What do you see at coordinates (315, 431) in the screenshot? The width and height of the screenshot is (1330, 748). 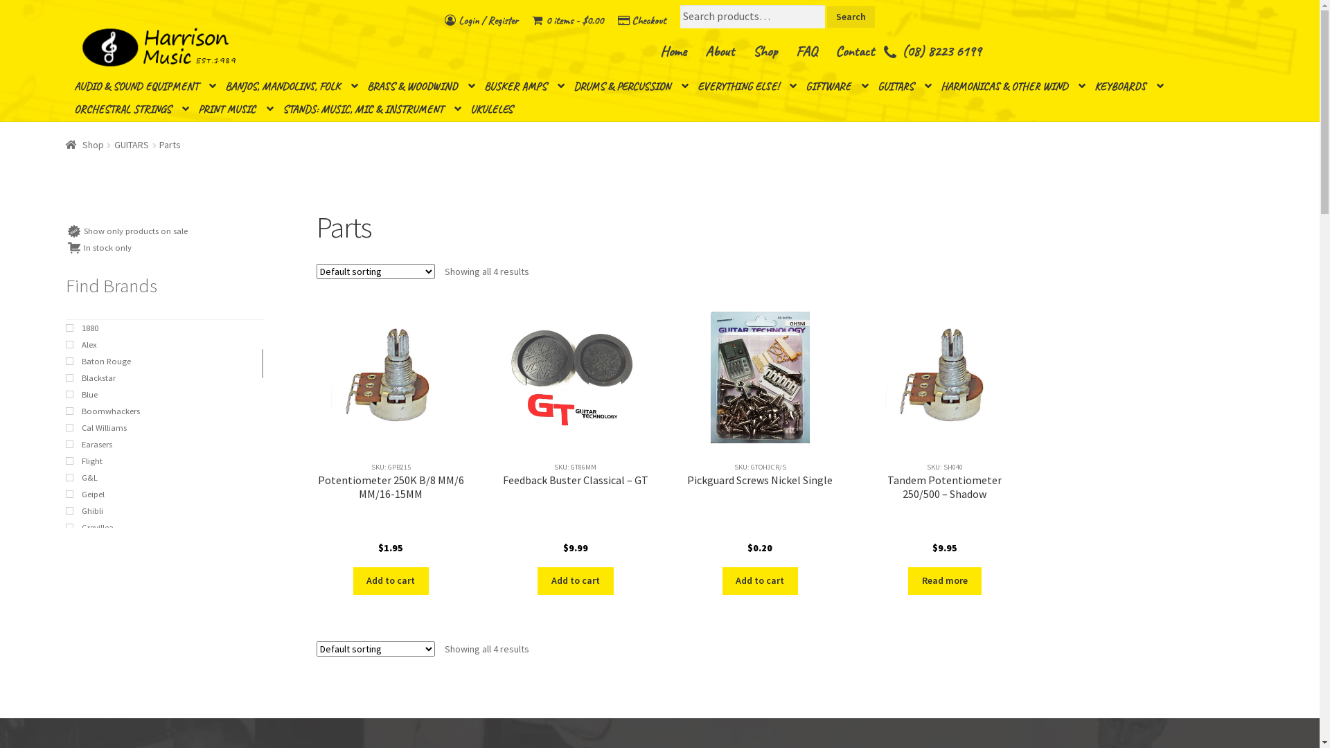 I see `'SKU: GPB215` at bounding box center [315, 431].